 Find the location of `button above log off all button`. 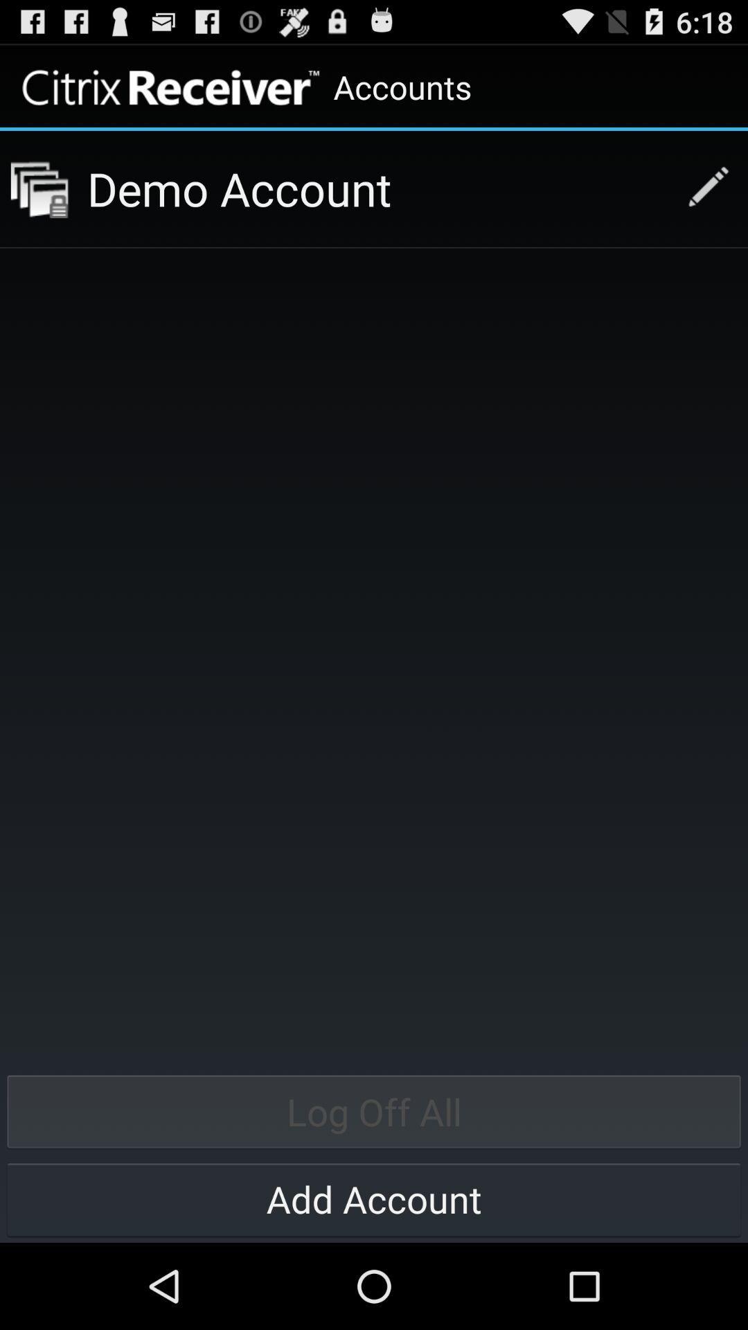

button above log off all button is located at coordinates (701, 188).